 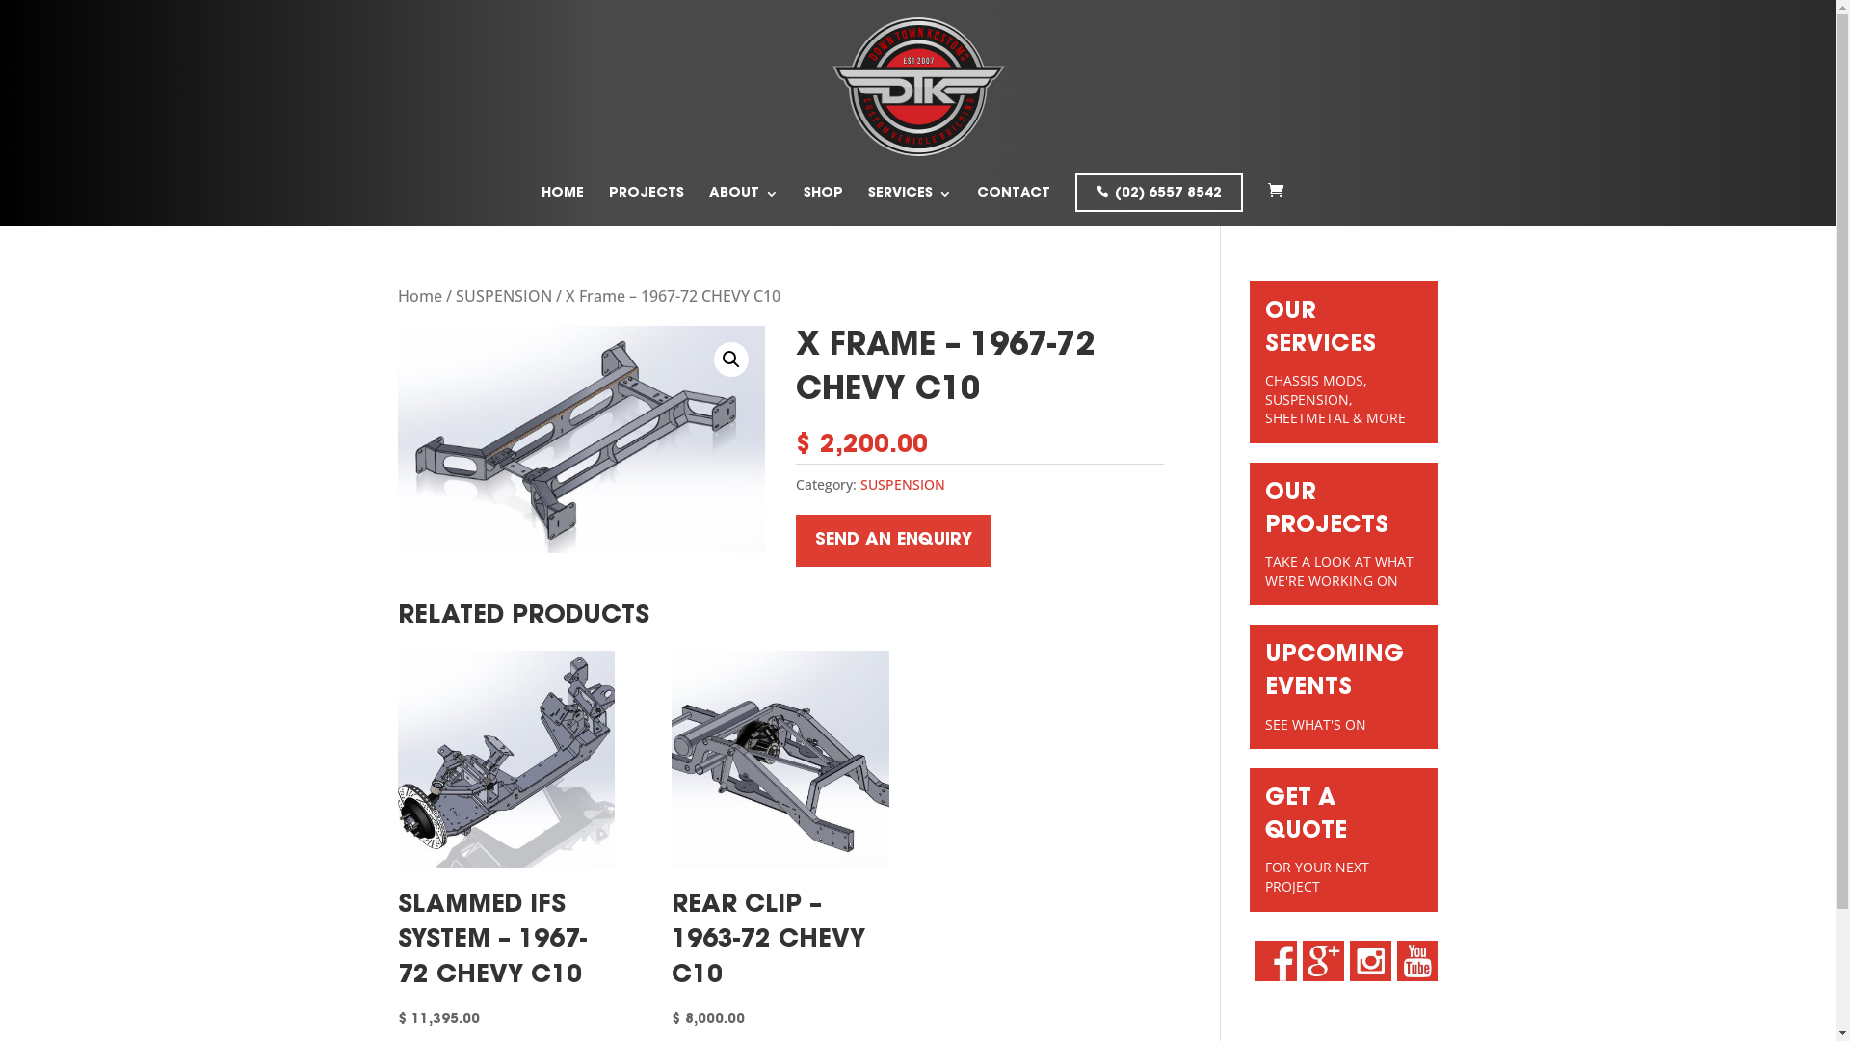 I want to click on 'OUR PROJECTS, so click(x=1342, y=534).